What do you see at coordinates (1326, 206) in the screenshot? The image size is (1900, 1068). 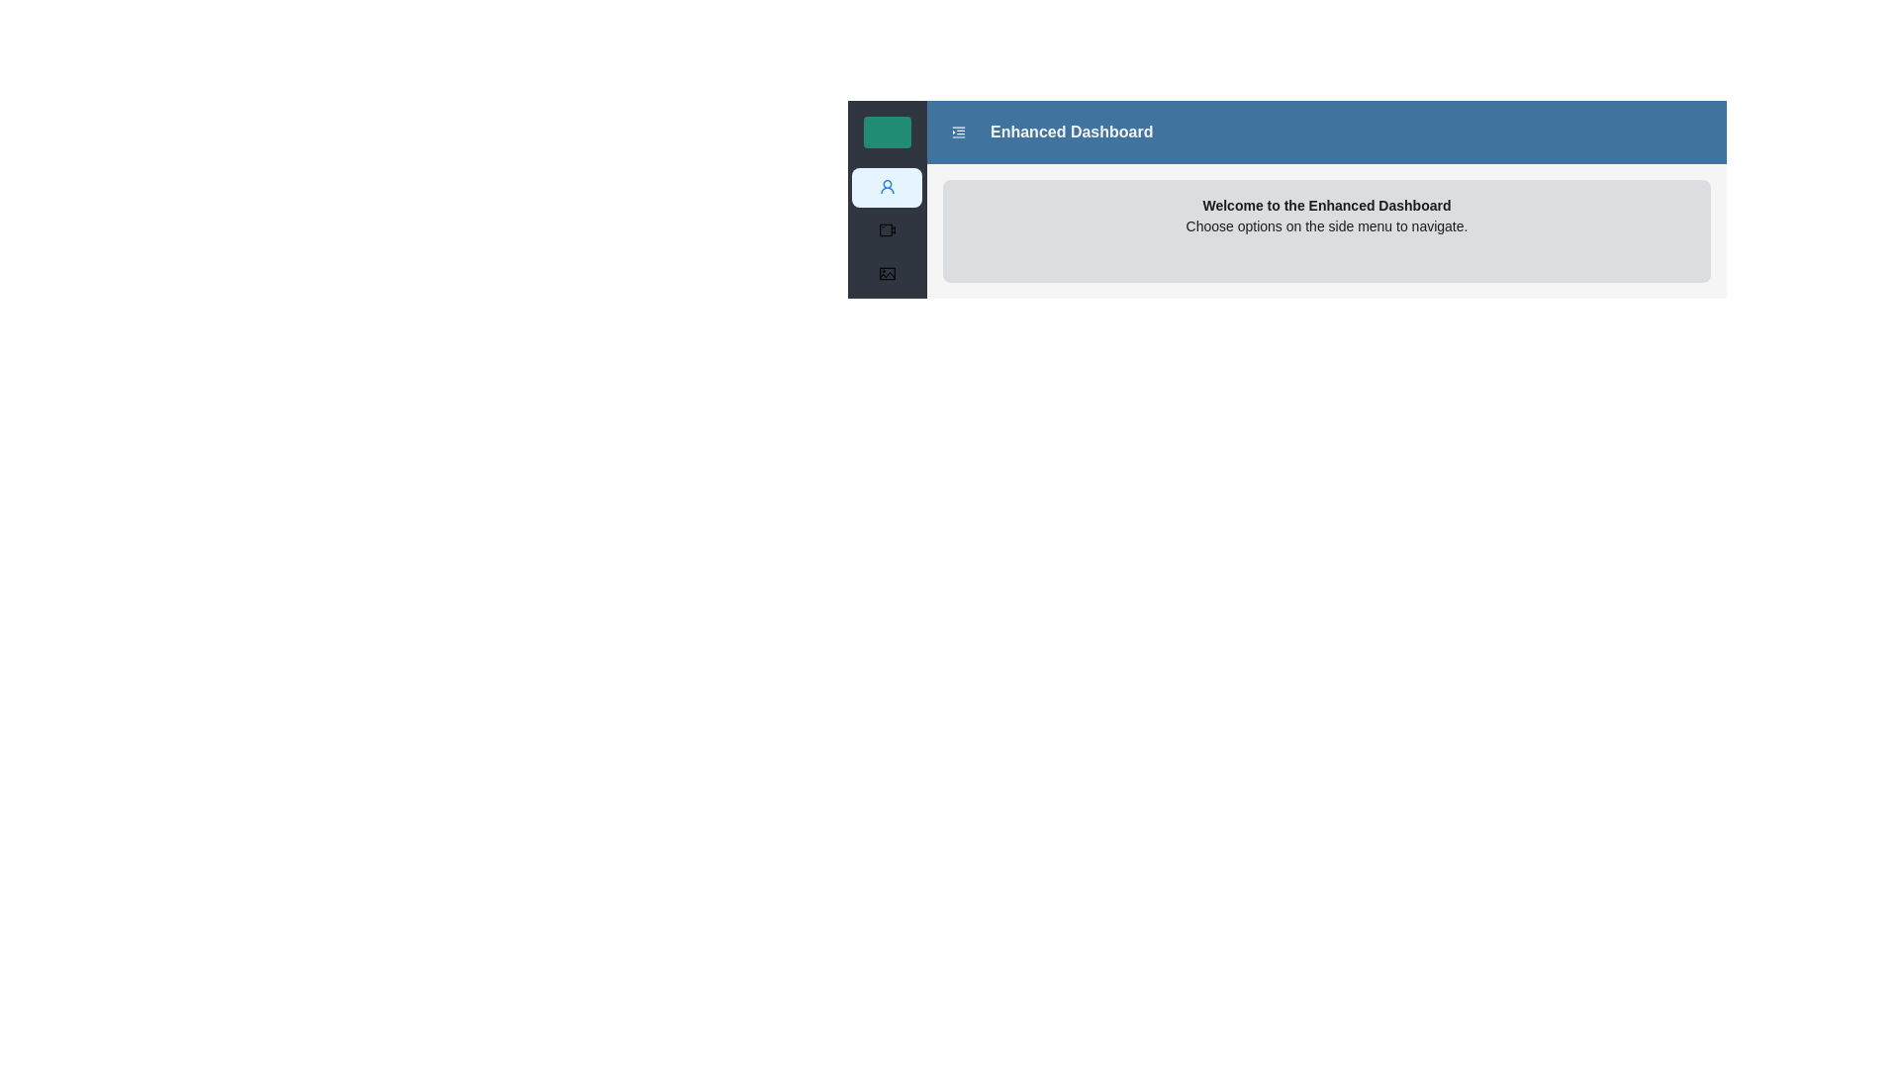 I see `the welcoming message text label located at the top of the content block with a grey background and rounded corners` at bounding box center [1326, 206].